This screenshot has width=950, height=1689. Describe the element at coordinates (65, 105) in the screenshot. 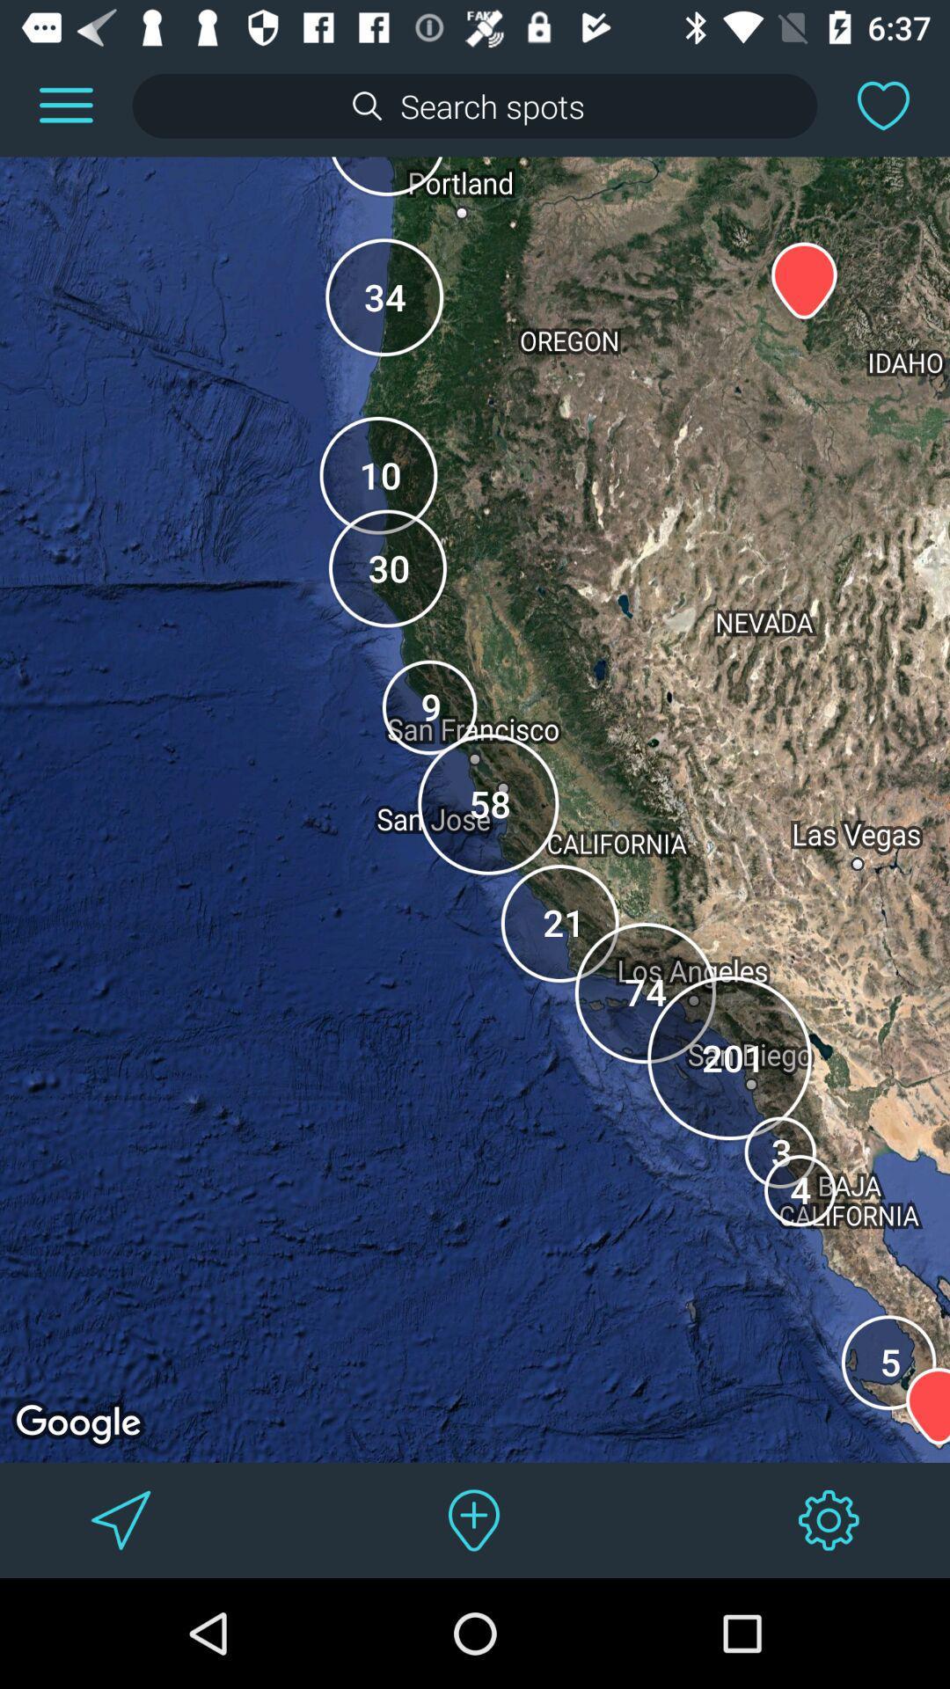

I see `the menu icon` at that location.